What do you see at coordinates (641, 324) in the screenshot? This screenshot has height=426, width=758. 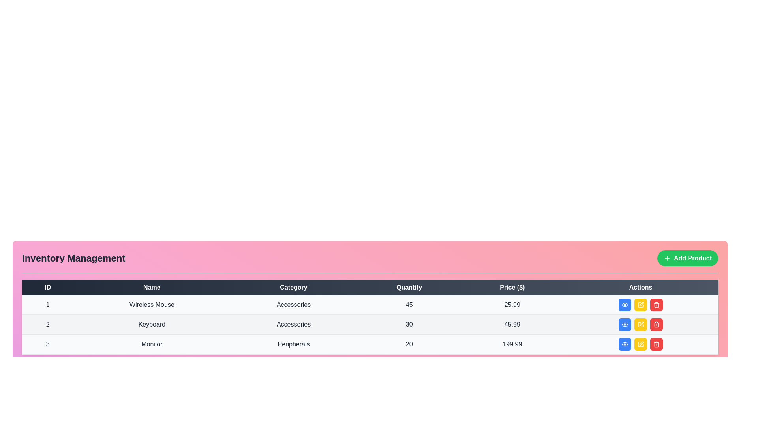 I see `the edit action button located in the second row of the 'Actions' column for the 'Keyboard' product` at bounding box center [641, 324].